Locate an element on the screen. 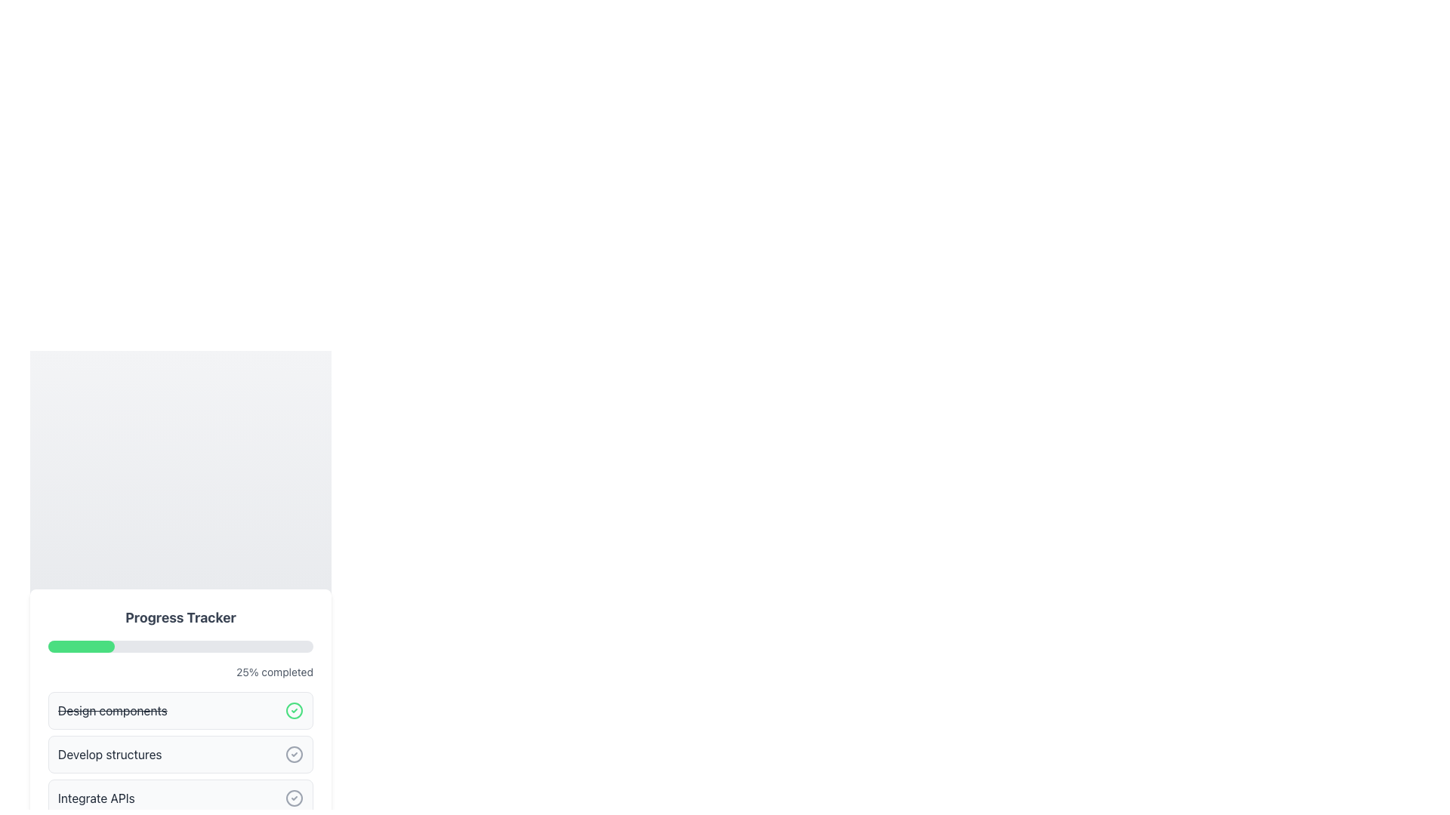 This screenshot has height=815, width=1450. the circular icon with a check mark (✔️) inside, which is styled with a gray outline and a lighter gray background, located on the right end of the row containing the 'Integrate APIs' label is located at coordinates (294, 797).